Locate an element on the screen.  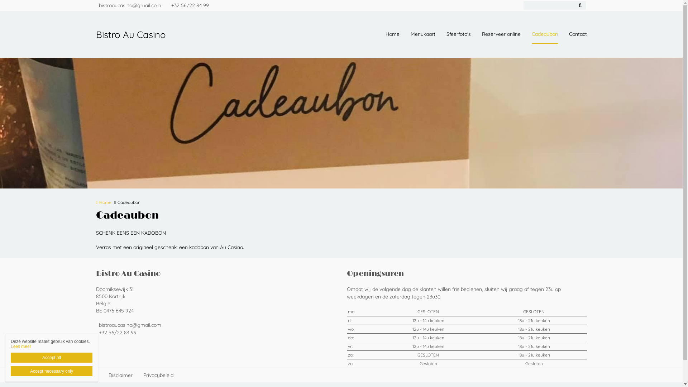
'Lees meer' is located at coordinates (21, 346).